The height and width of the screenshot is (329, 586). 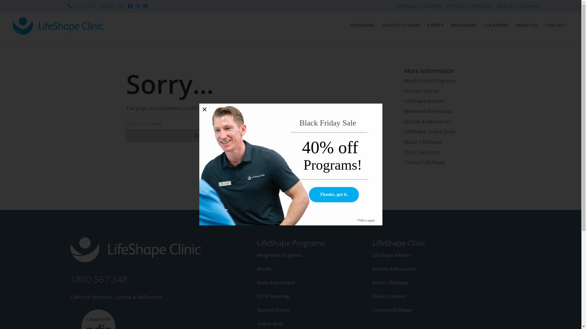 I want to click on 'RESOURCES', so click(x=448, y=25).